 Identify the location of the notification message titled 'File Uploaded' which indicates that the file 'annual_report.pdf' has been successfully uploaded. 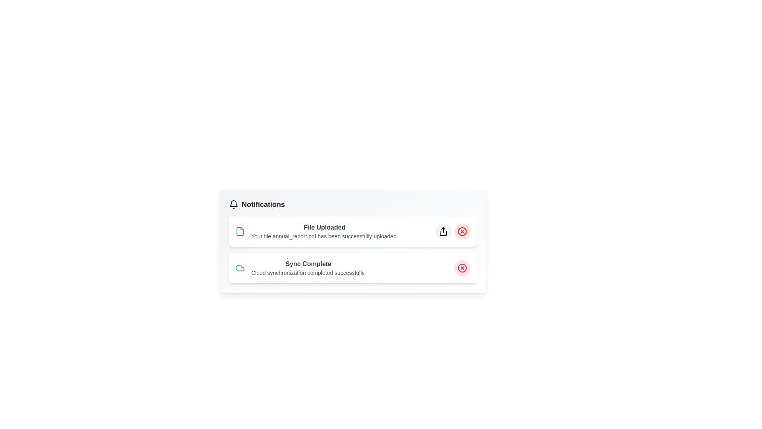
(324, 231).